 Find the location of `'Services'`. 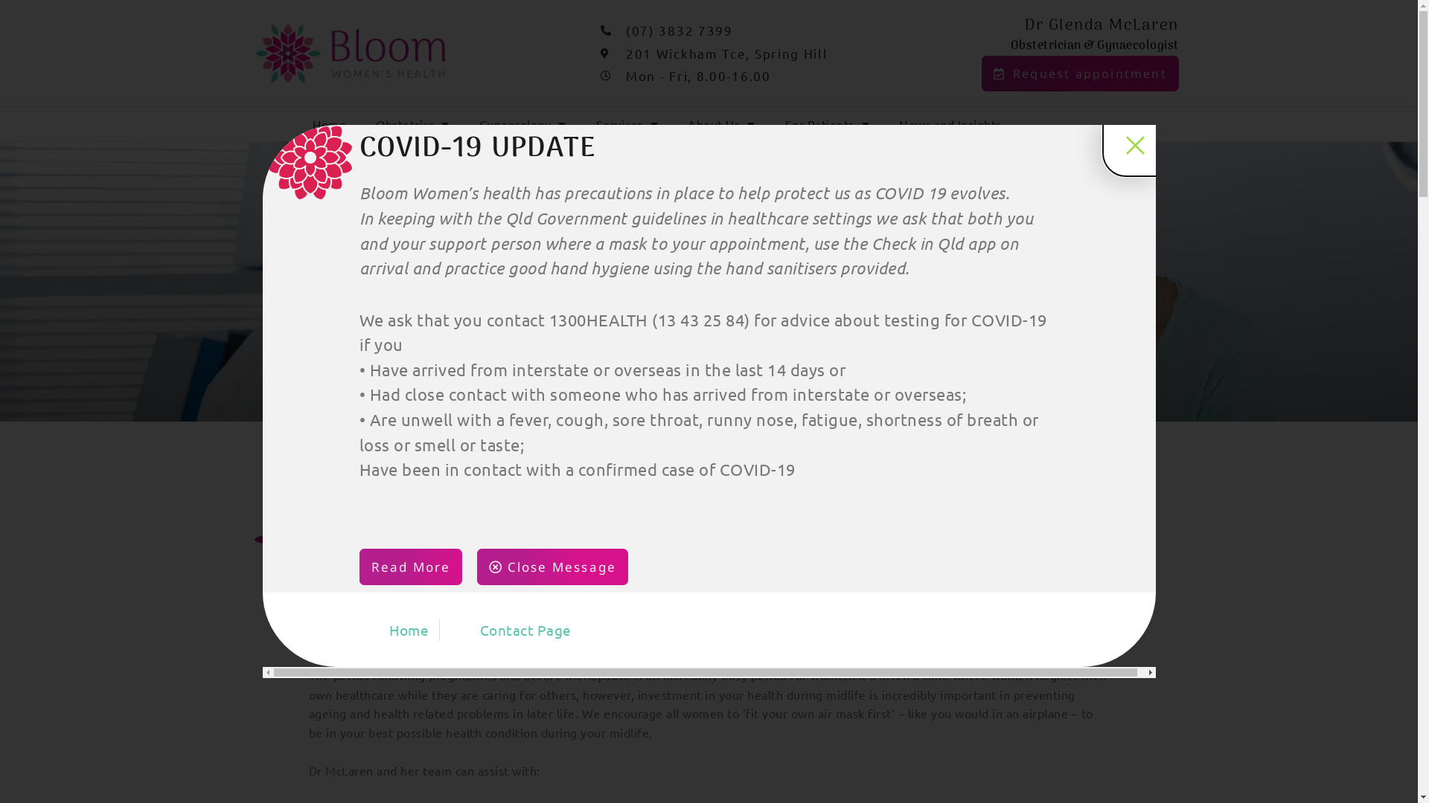

'Services' is located at coordinates (581, 123).